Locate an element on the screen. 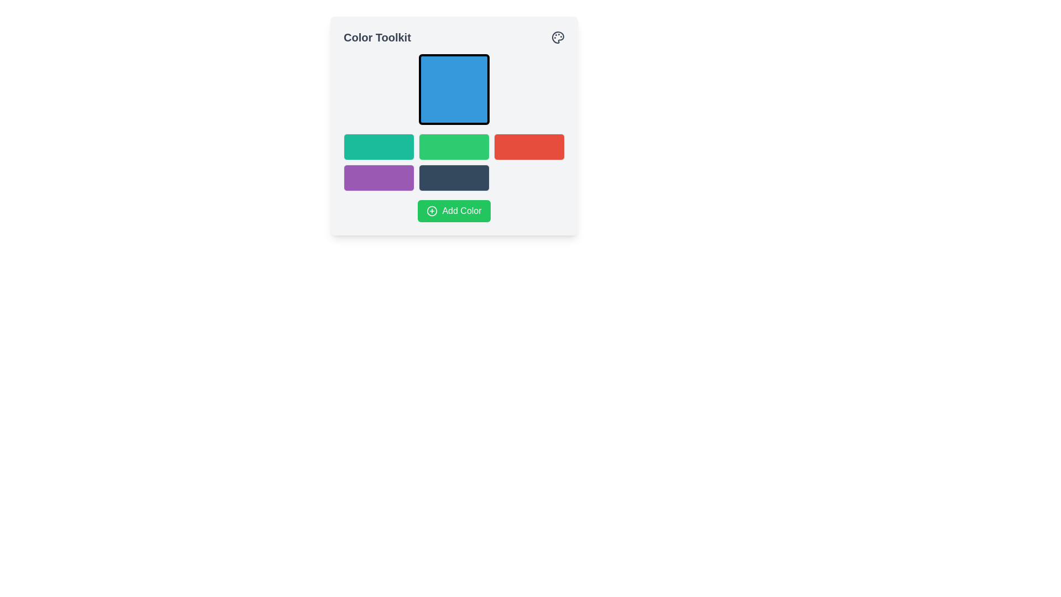 The image size is (1061, 597). the painter's palette icon located in the top-right corner of the primary interface panel, adjacent above the title 'Color Toolkit' is located at coordinates (558, 37).